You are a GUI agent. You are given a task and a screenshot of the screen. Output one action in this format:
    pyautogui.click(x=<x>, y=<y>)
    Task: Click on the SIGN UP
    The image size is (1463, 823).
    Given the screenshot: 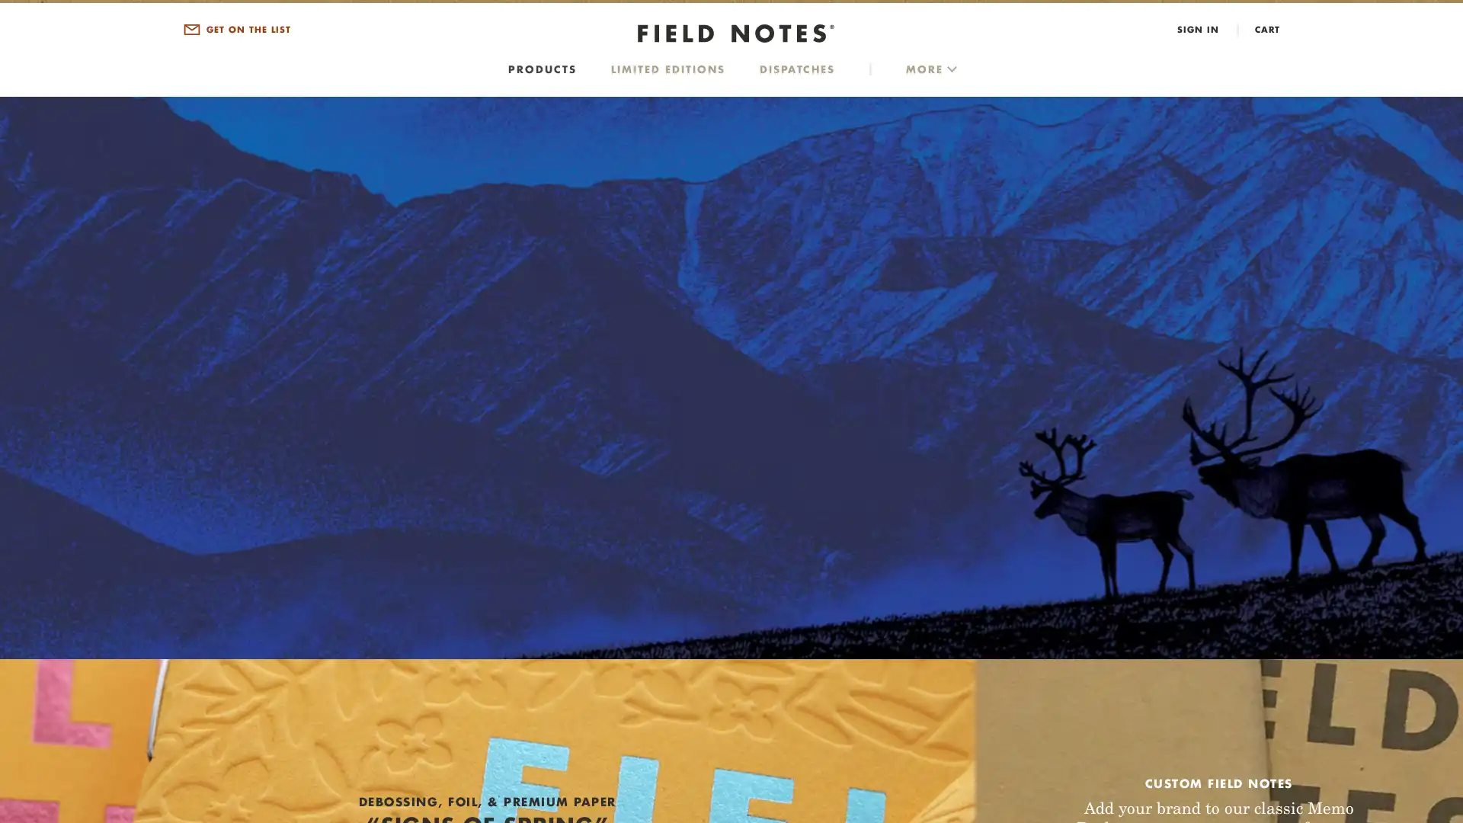 What is the action you would take?
    pyautogui.click(x=1157, y=628)
    